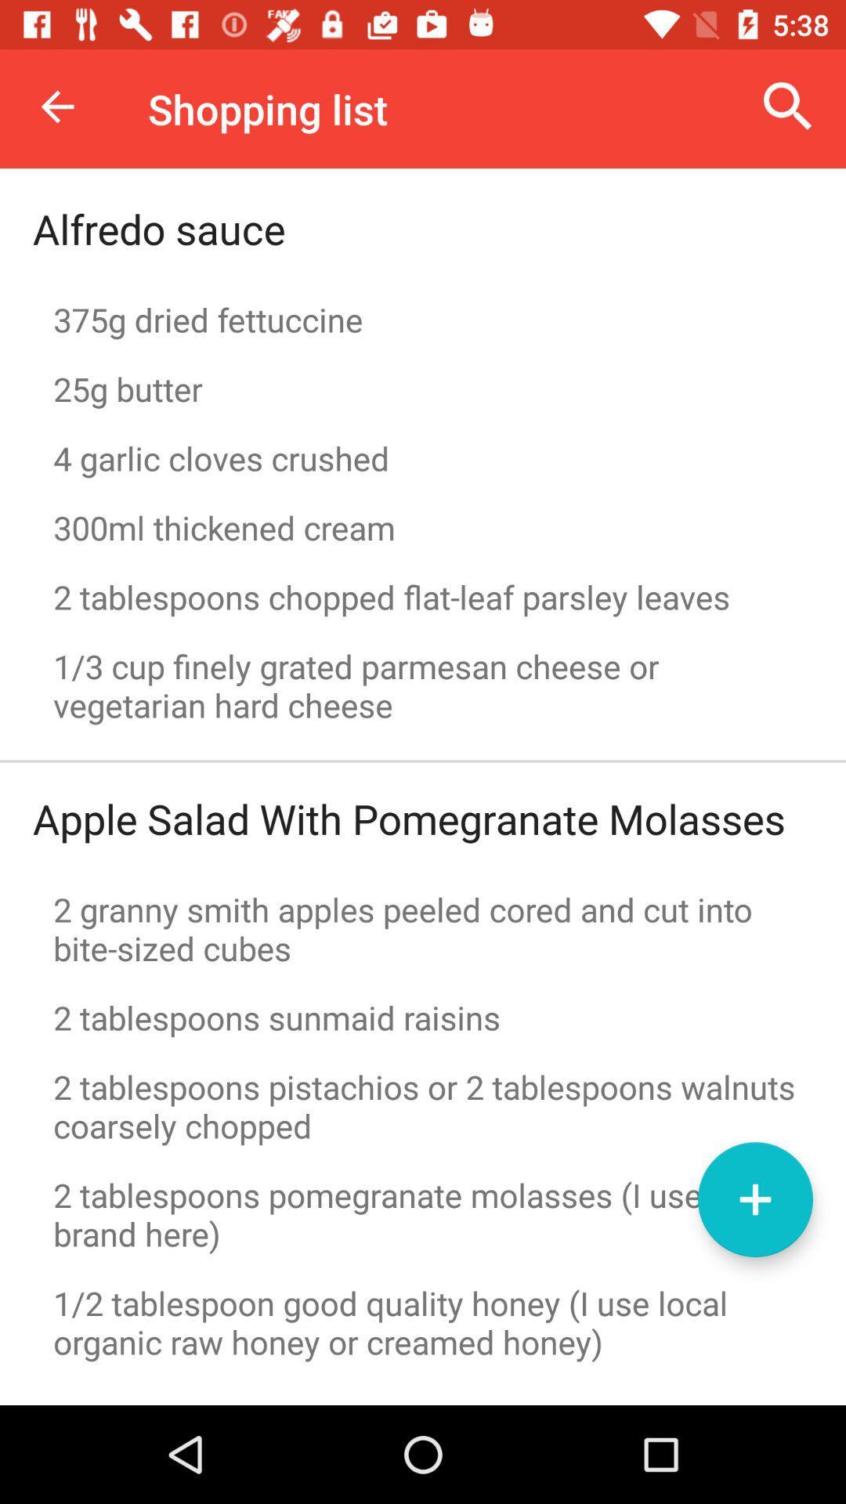  I want to click on the icon above the 25g butter, so click(423, 319).